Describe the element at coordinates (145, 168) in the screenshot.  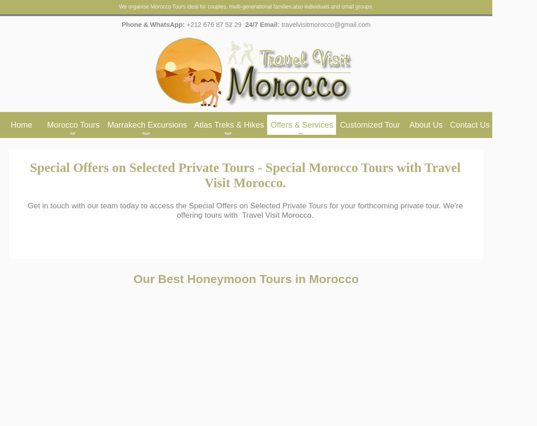
I see `'Special Offers on Selected Private Tours -'` at that location.